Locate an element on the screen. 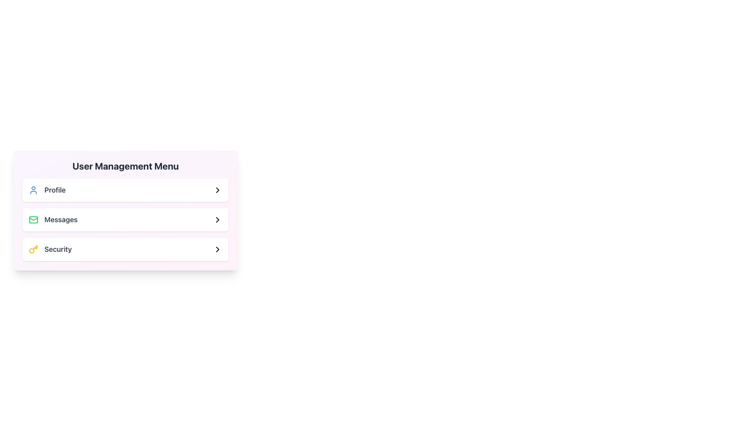 This screenshot has width=749, height=421. the 'Messages' icon in the User Management Menu, which is visually positioned to the left of the text label 'Messages' is located at coordinates (33, 219).